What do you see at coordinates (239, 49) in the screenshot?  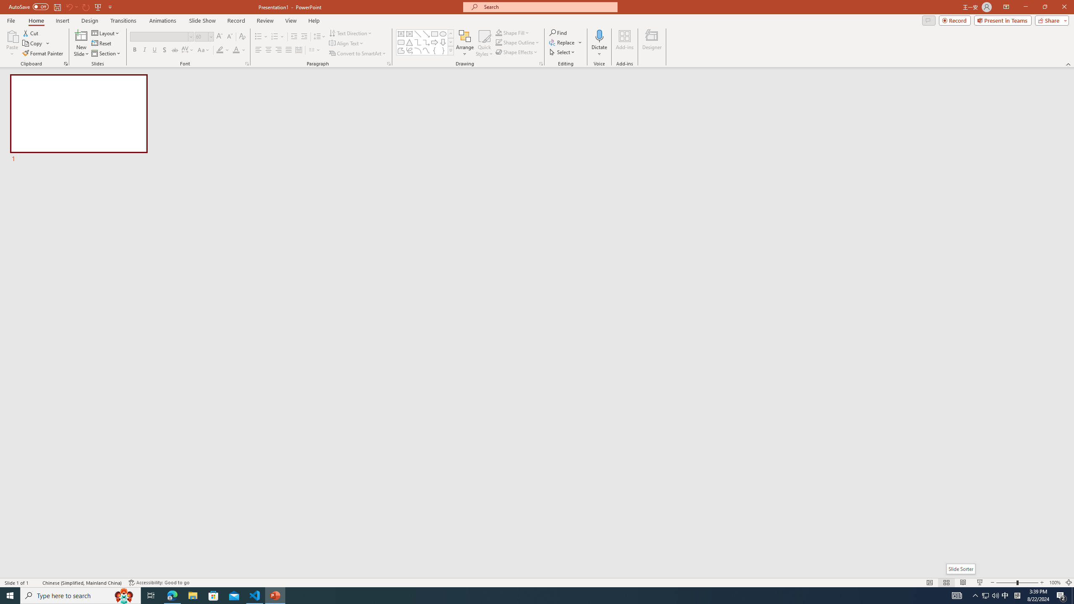 I see `'Font Color'` at bounding box center [239, 49].